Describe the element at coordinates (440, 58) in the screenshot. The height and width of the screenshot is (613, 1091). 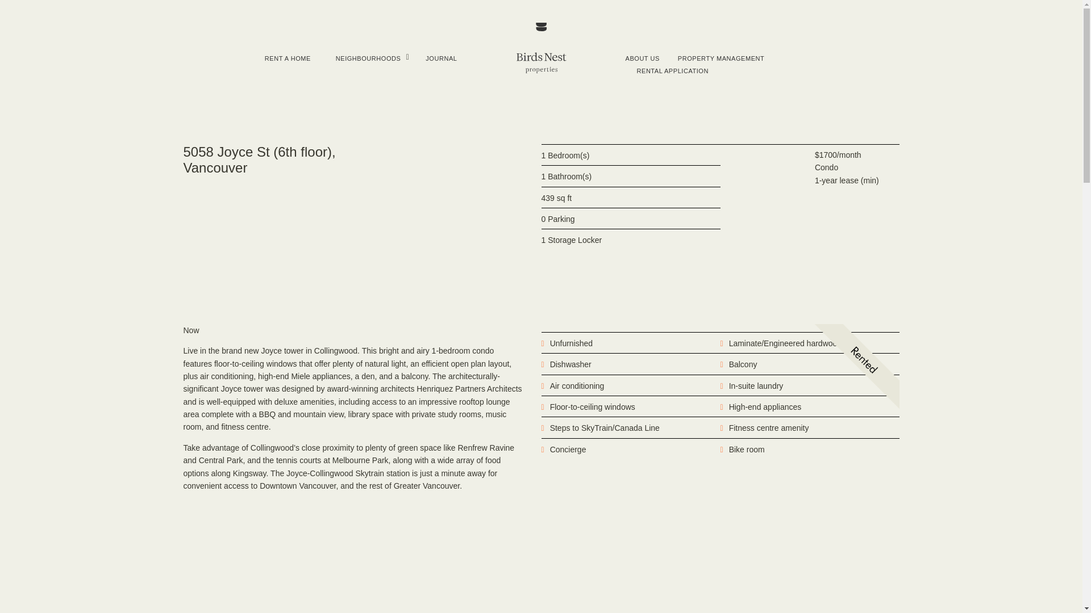
I see `'JOURNAL'` at that location.